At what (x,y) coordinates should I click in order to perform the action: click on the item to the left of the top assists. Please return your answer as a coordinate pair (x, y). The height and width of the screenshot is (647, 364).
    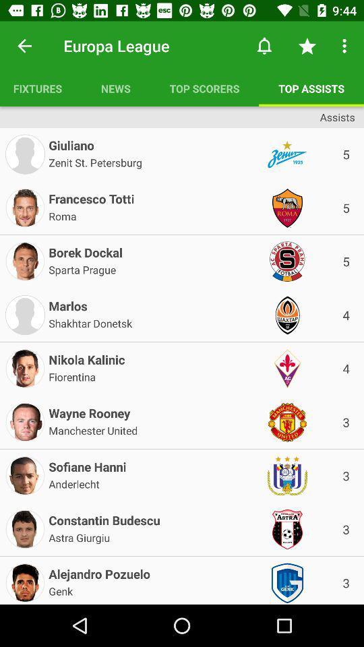
    Looking at the image, I should click on (204, 88).